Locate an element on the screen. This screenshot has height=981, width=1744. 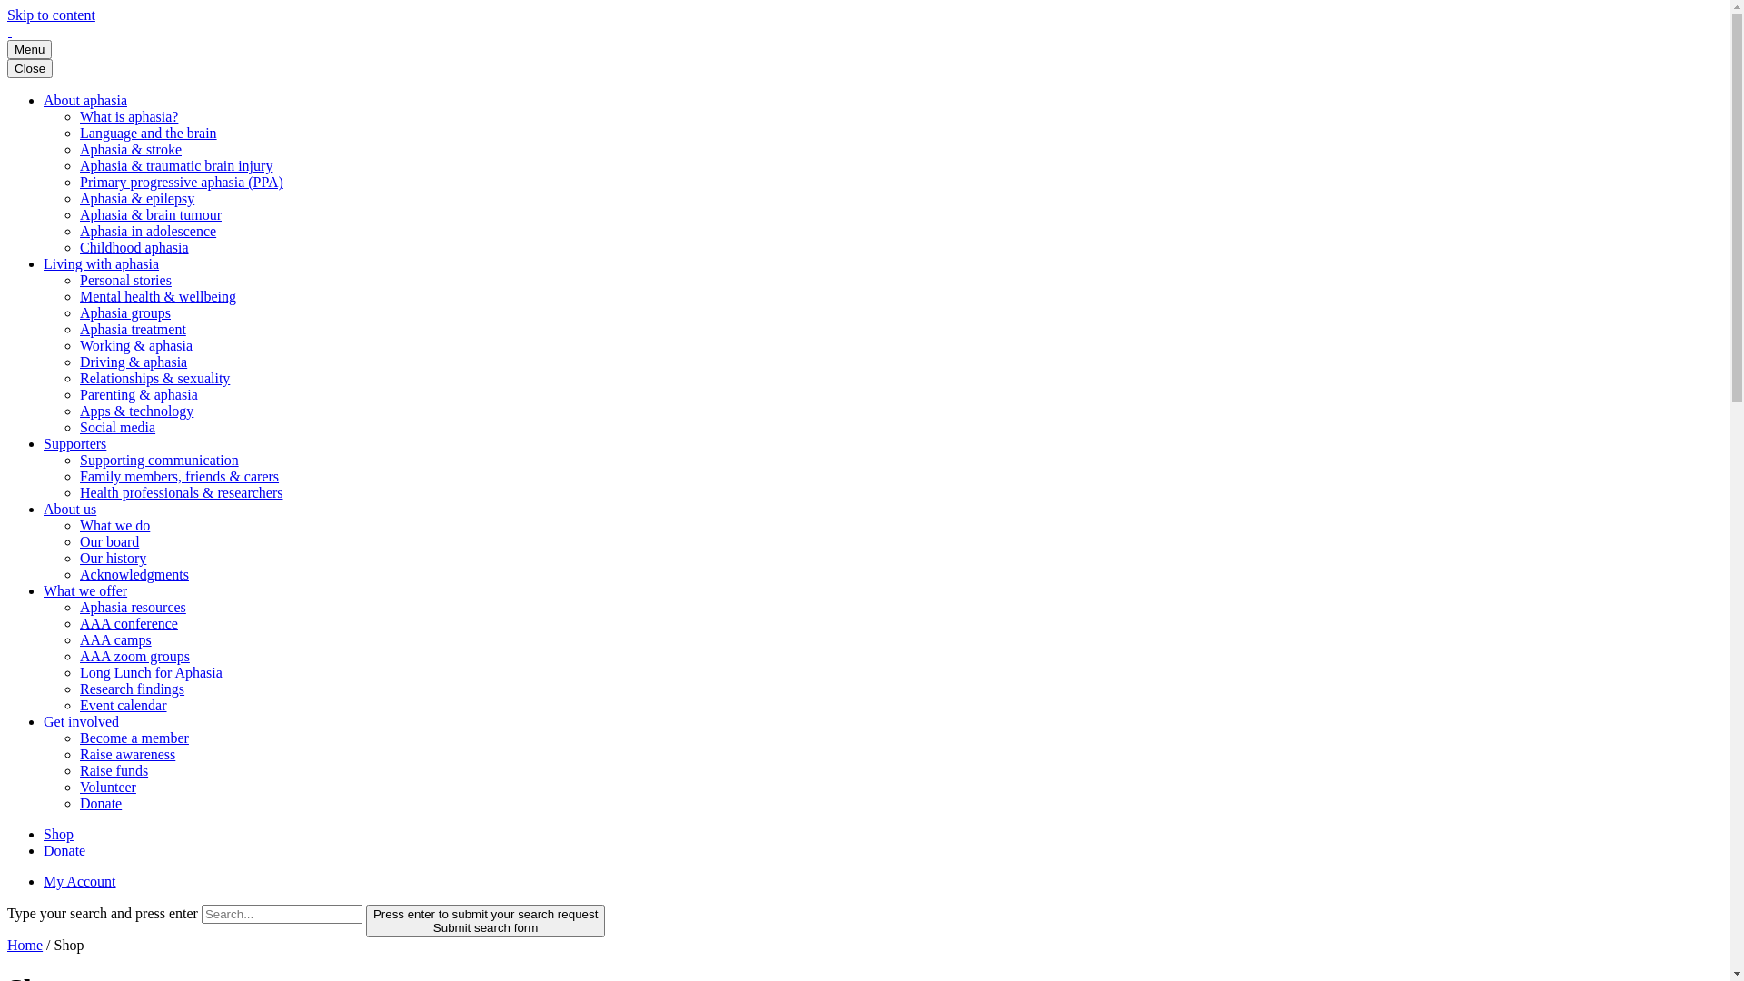
'Driving & aphasia' is located at coordinates (133, 362).